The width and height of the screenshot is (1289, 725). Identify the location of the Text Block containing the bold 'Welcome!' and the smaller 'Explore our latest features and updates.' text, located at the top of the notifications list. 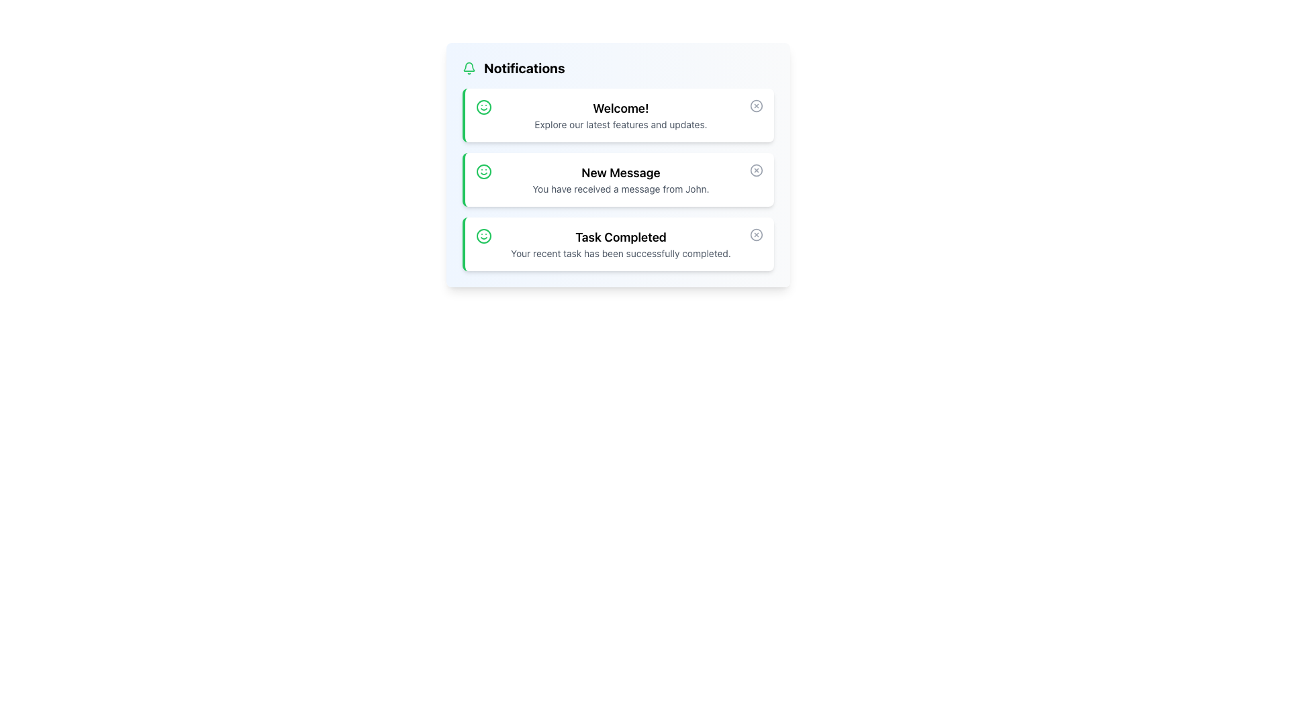
(620, 115).